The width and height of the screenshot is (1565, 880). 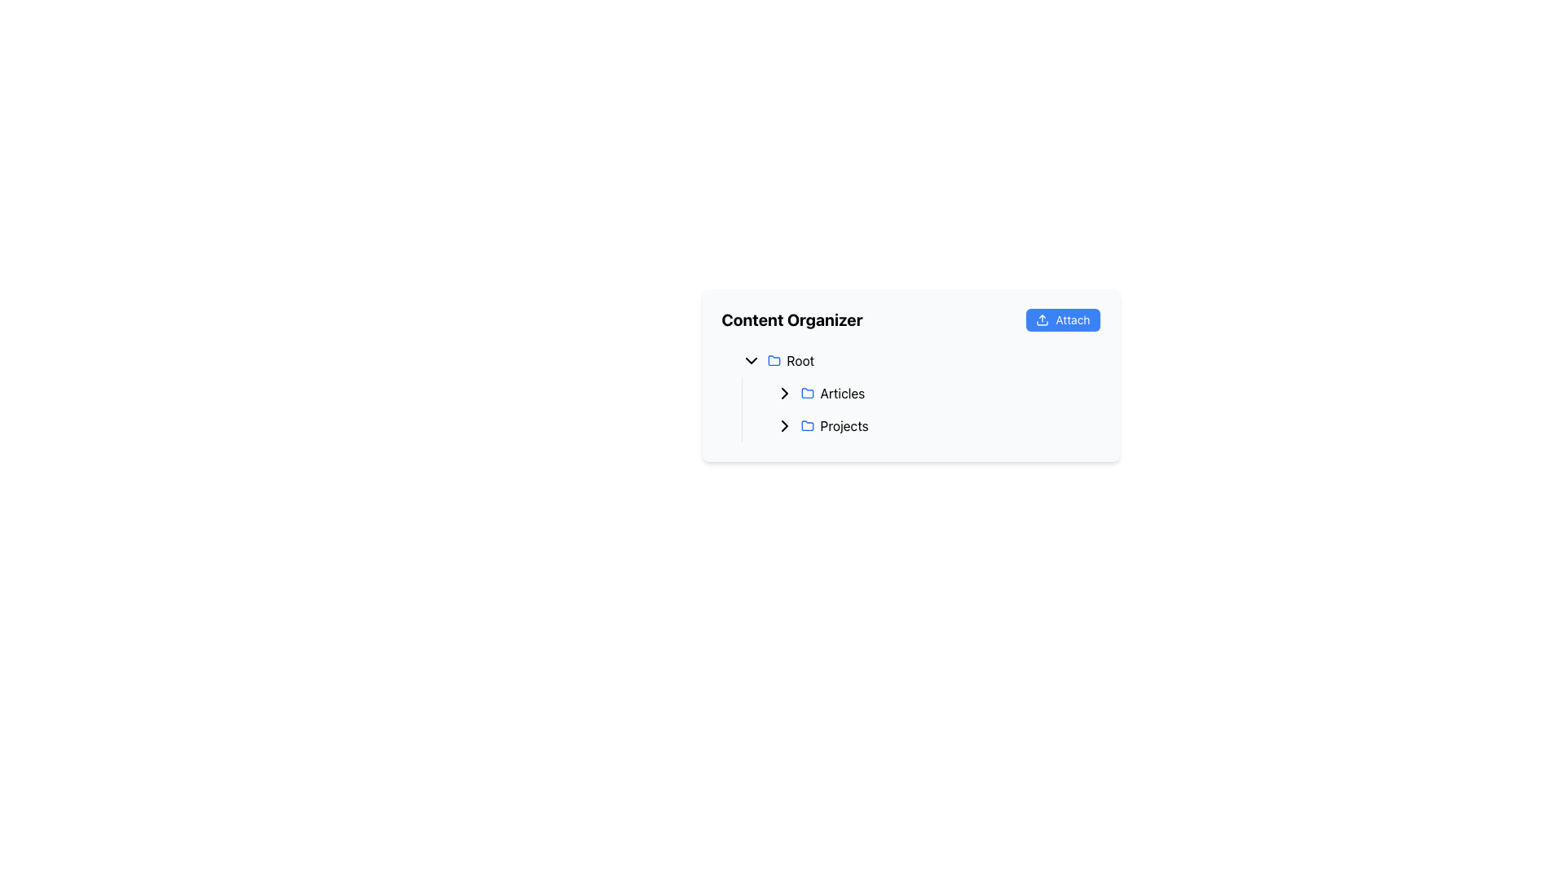 I want to click on the 'Articles' icon, which visually represents a folder or category for related content, to interact or navigate, so click(x=807, y=393).